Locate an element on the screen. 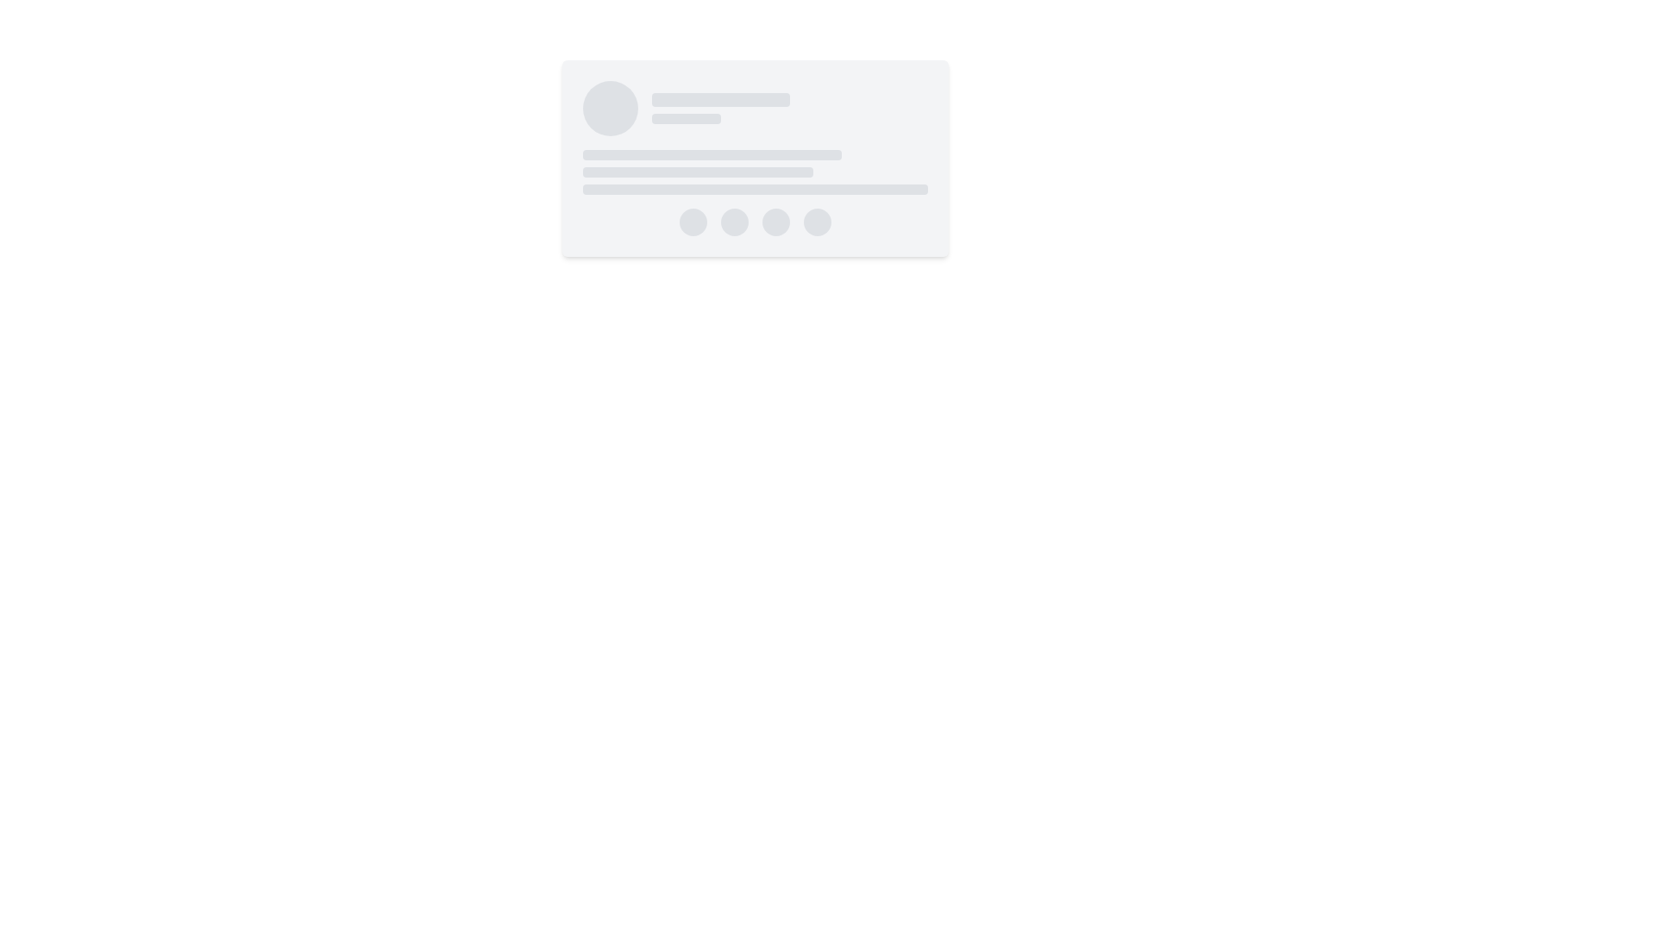 The image size is (1656, 931). the horizontal gray bar with rounded edges, which serves as a loading indicator and is positioned at the upper section of the placeholder layout is located at coordinates (720, 99).